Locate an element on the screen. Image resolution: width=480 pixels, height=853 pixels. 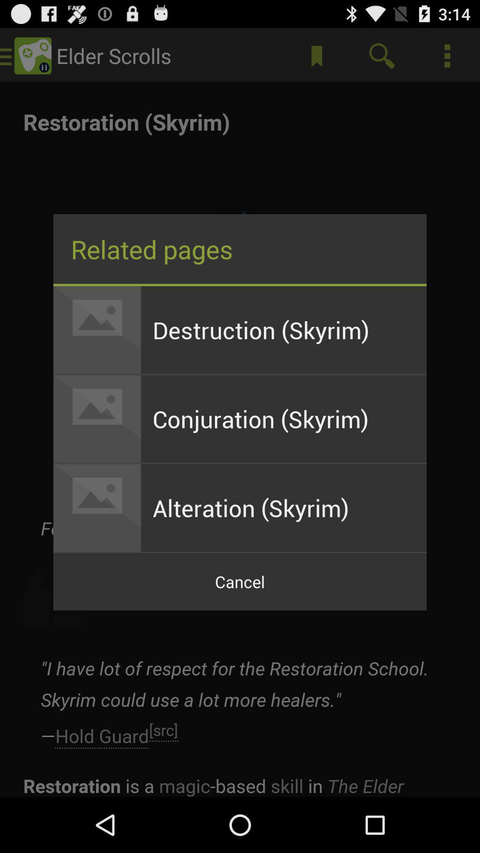
the alteration (skyrim) app is located at coordinates (284, 508).